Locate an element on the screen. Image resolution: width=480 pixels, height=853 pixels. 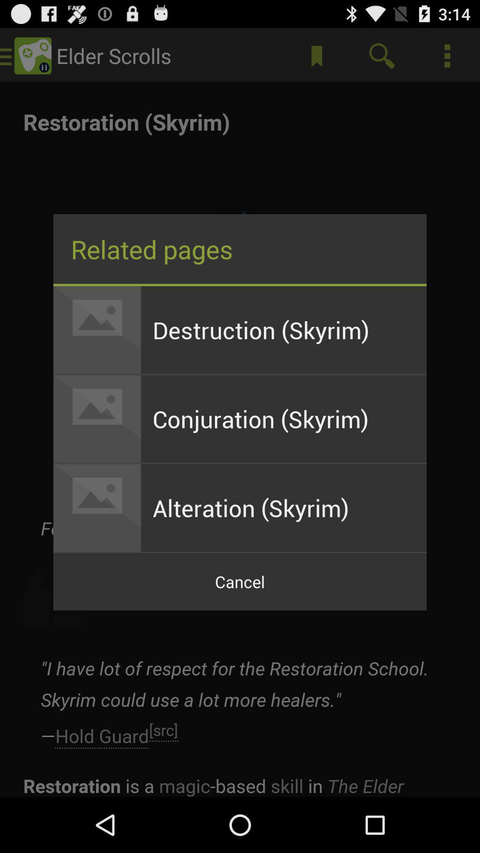
the alteration (skyrim) app is located at coordinates (284, 508).